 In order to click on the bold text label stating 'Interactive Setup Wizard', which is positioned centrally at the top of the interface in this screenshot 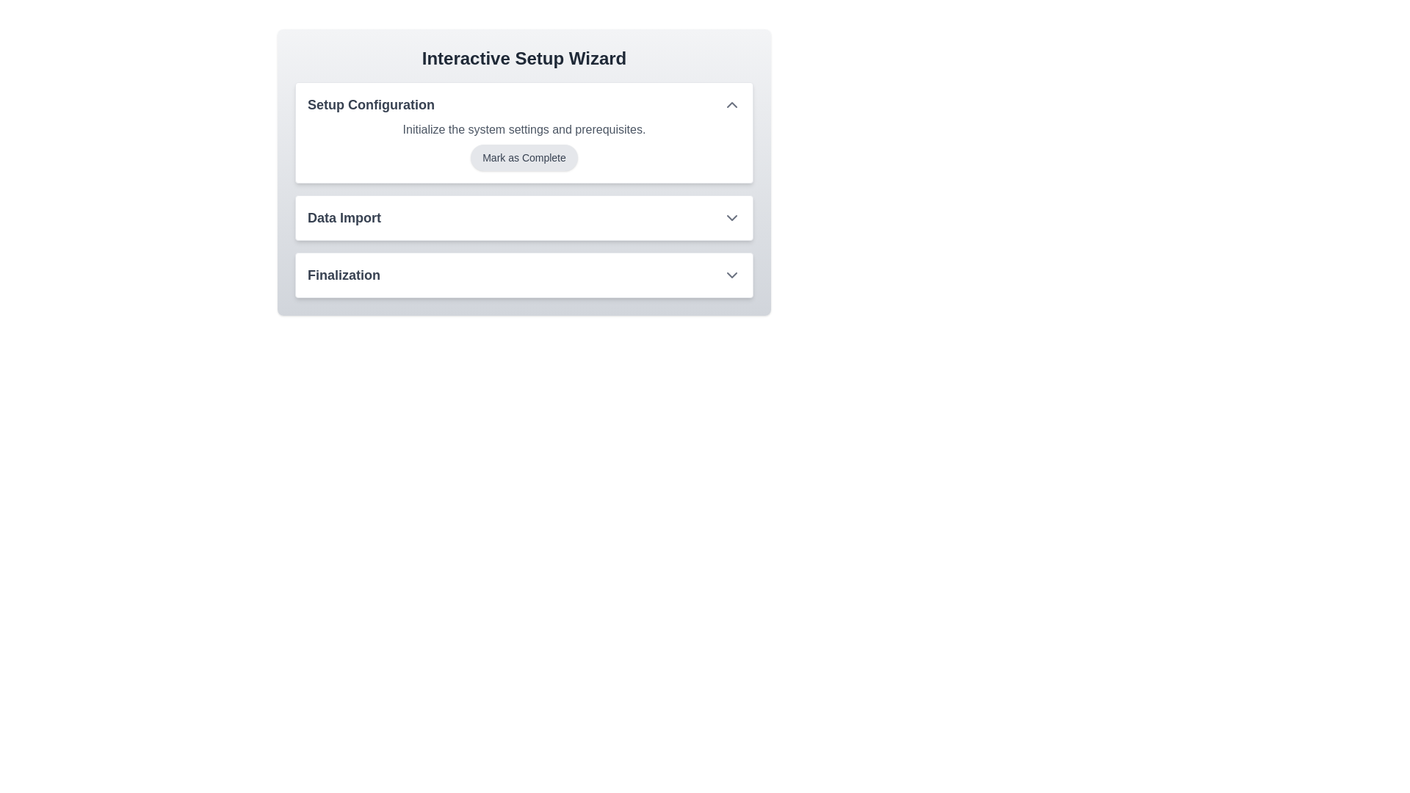, I will do `click(524, 58)`.